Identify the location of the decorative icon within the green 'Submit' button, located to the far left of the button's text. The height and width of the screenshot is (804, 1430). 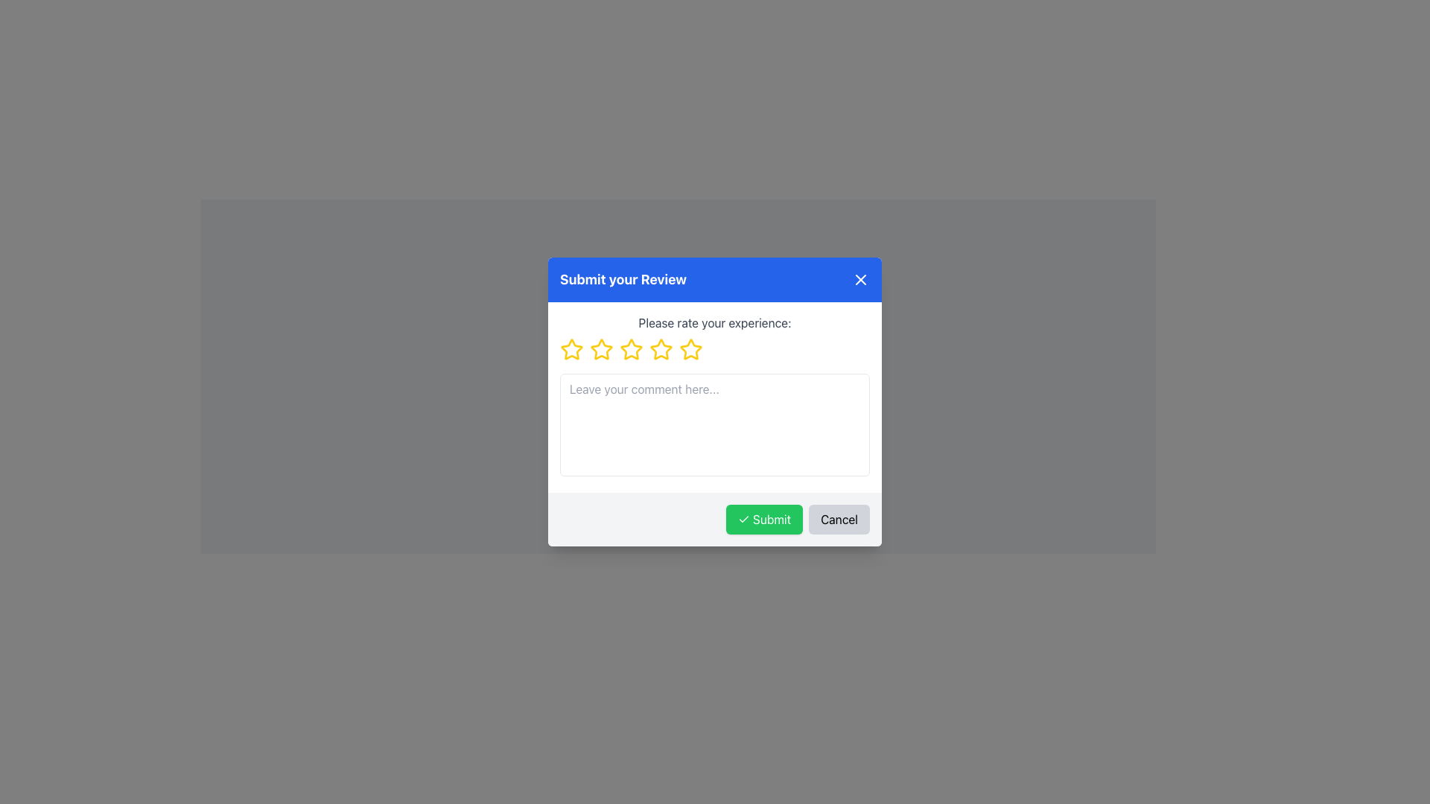
(743, 519).